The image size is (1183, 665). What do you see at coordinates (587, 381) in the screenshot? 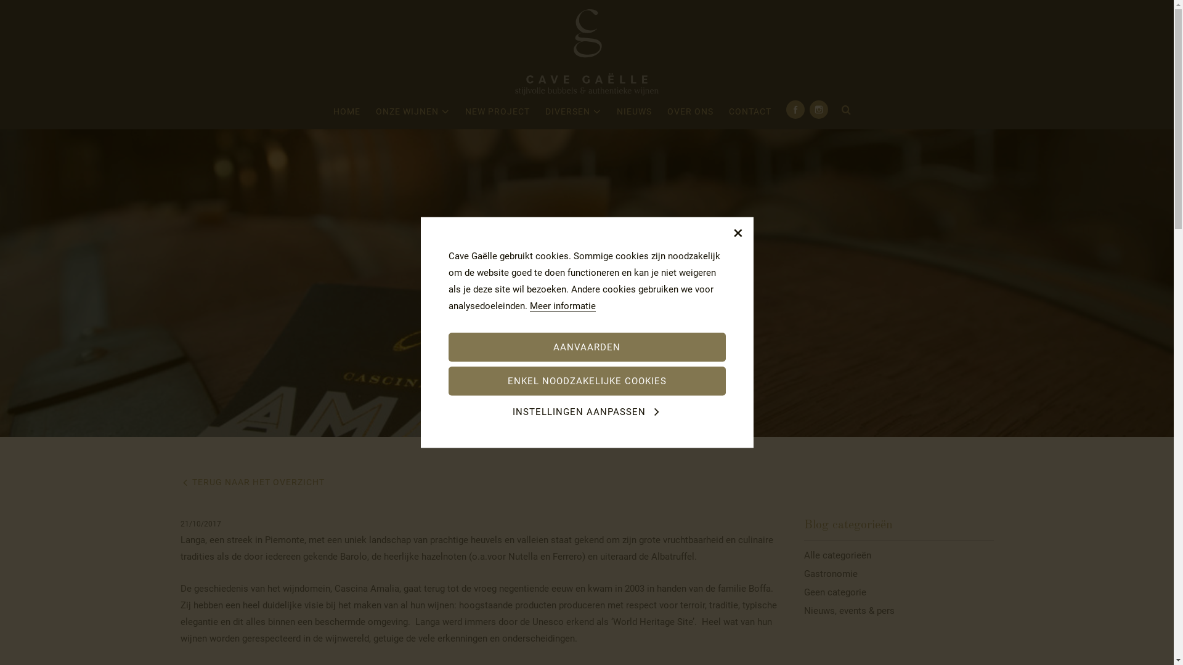
I see `'ENKEL NOODZAKELIJKE COOKIES'` at bounding box center [587, 381].